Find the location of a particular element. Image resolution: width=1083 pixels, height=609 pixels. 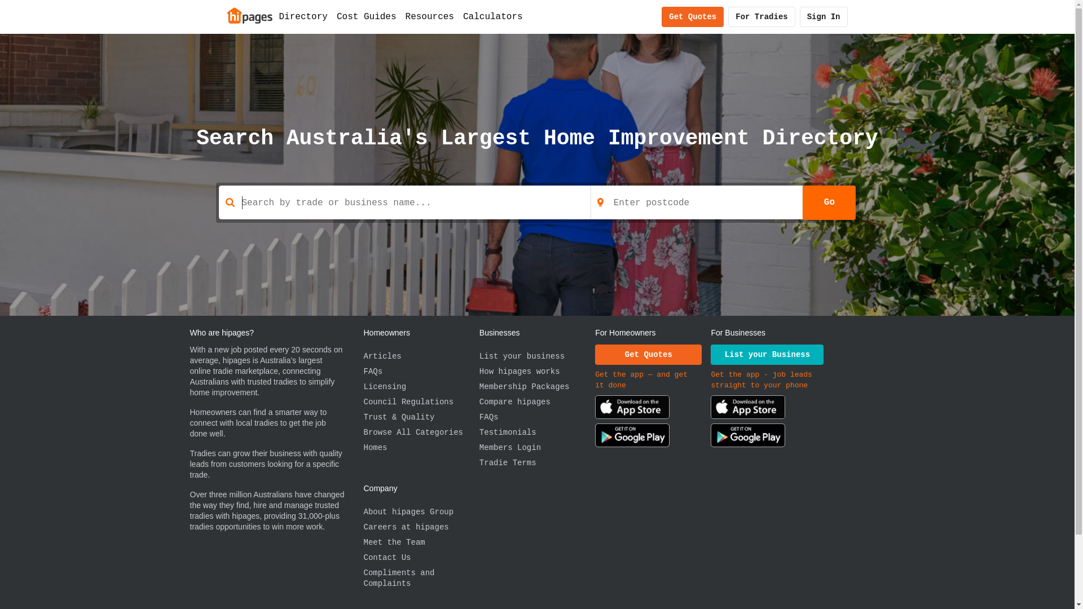

'Browse All Categories' is located at coordinates (420, 432).